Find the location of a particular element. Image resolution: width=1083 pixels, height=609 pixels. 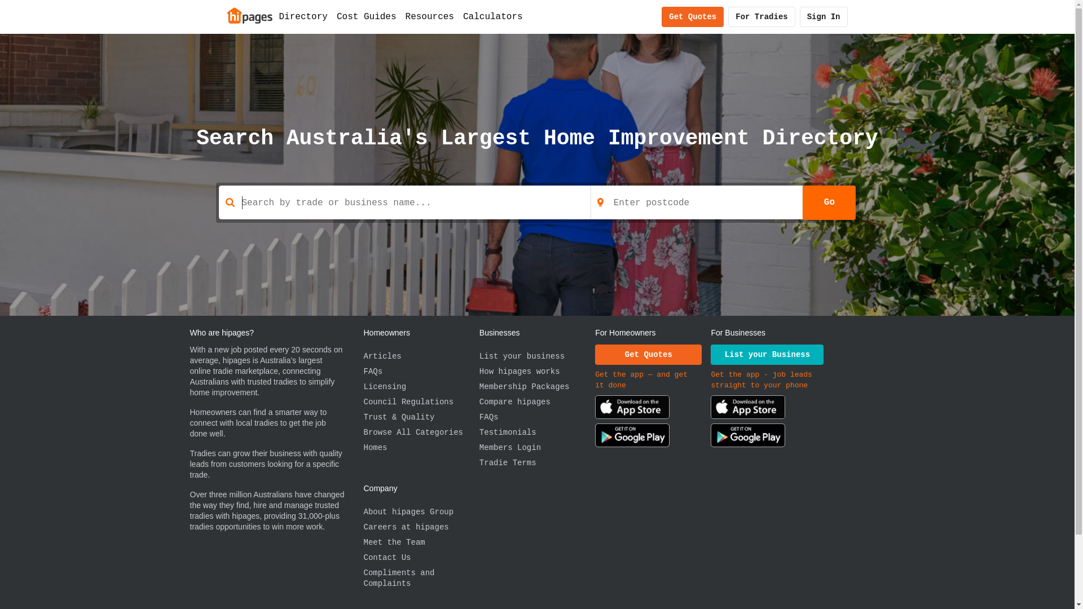

'Browse All Categories' is located at coordinates (420, 432).